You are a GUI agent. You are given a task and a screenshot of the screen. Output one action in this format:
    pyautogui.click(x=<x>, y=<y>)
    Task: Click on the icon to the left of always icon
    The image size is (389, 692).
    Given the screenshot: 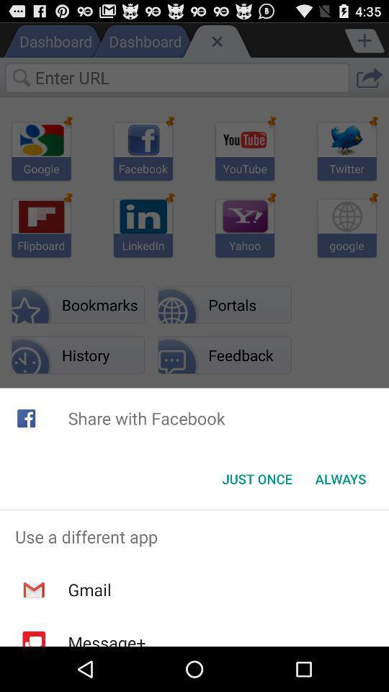 What is the action you would take?
    pyautogui.click(x=256, y=479)
    